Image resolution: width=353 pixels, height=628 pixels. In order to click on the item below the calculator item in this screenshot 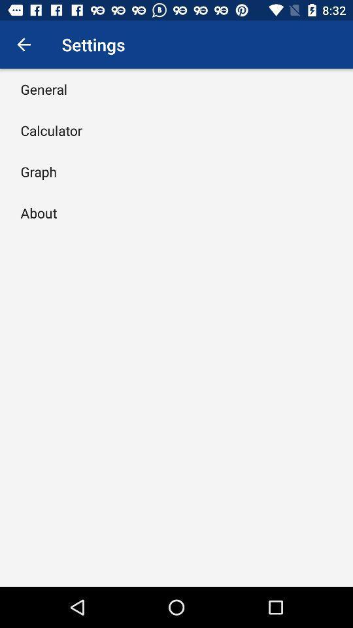, I will do `click(39, 171)`.